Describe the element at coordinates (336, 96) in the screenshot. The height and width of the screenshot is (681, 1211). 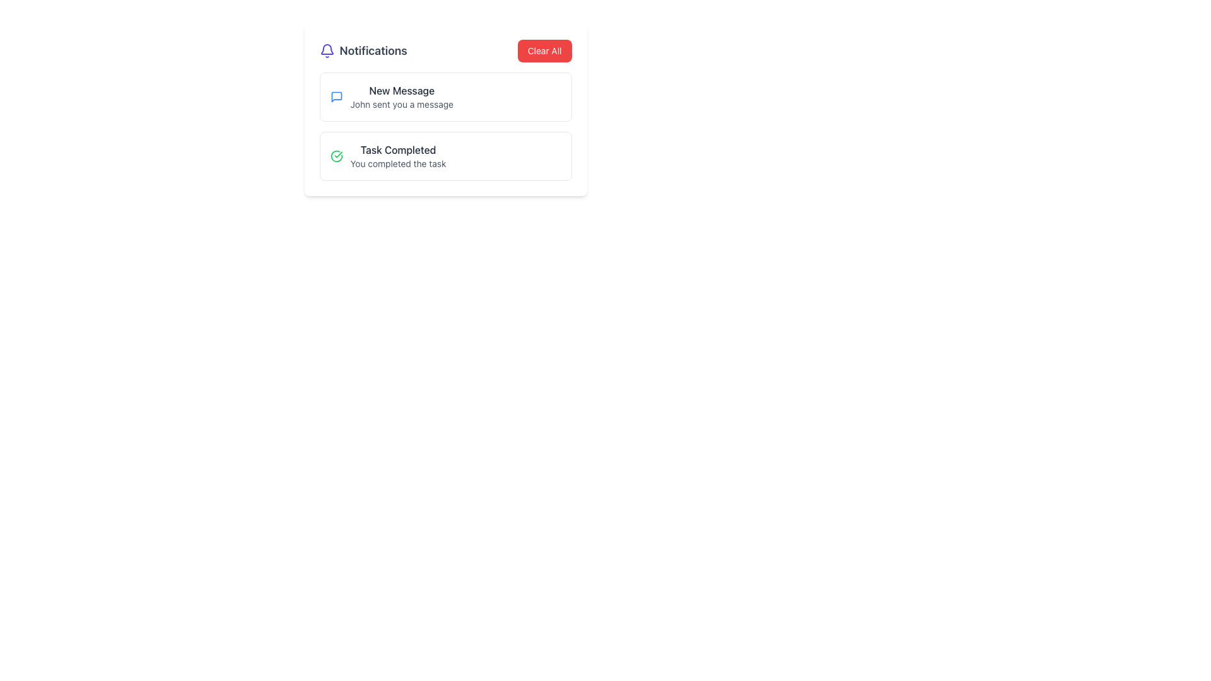
I see `the new message notification icon located at the top-left corner of the notification panel, to the left of the 'New Message' text` at that location.